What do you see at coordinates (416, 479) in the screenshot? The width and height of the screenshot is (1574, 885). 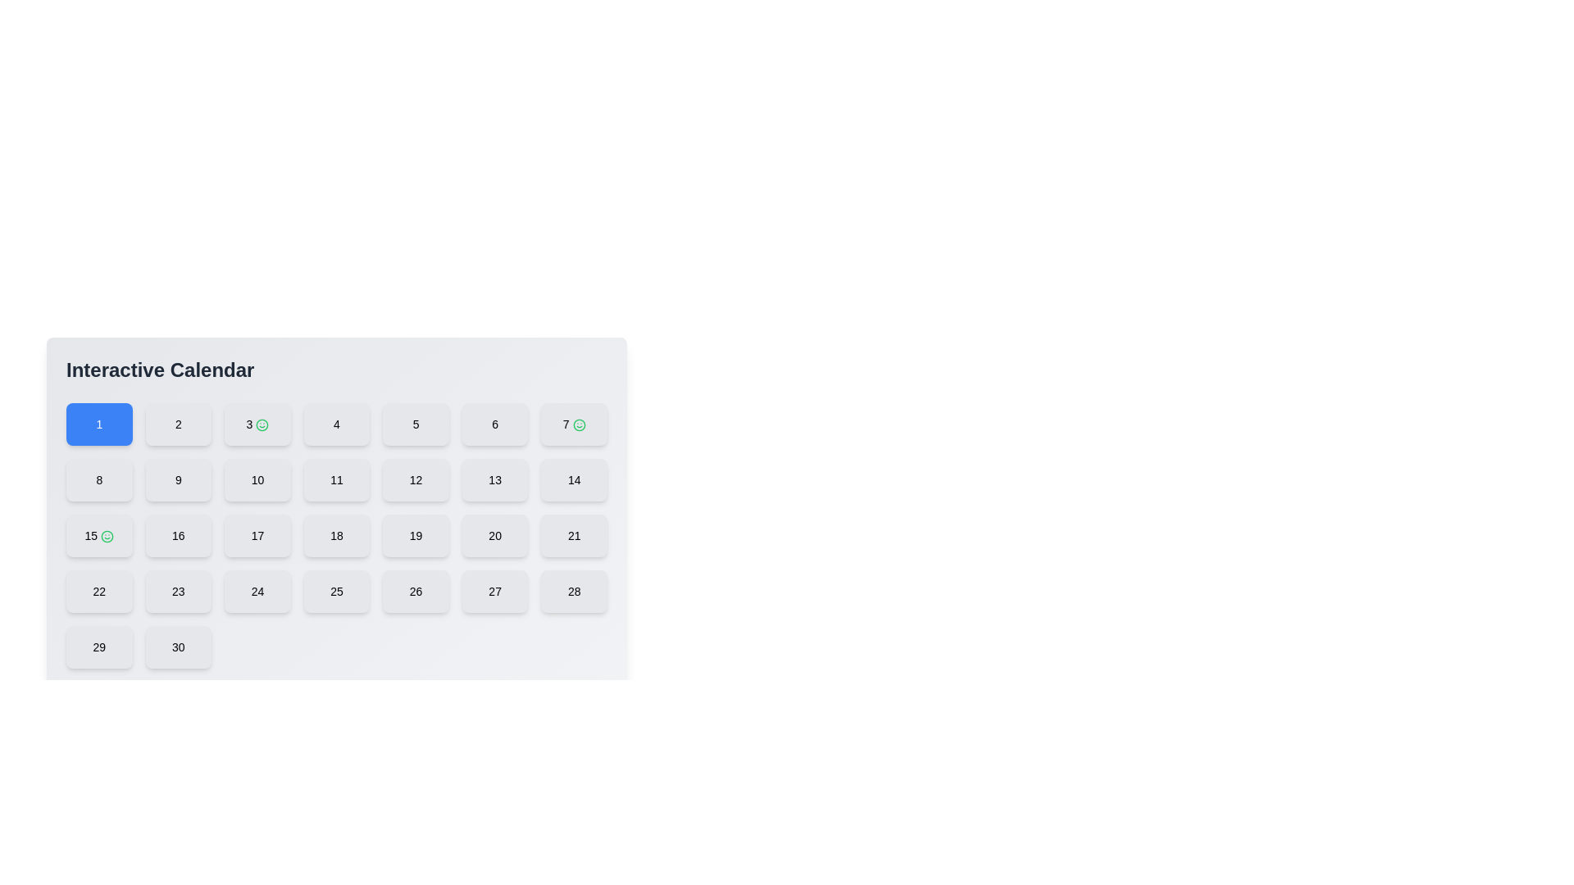 I see `the button labeled '12', which is a rectangular button with rounded corners, gray background, and black text` at bounding box center [416, 479].